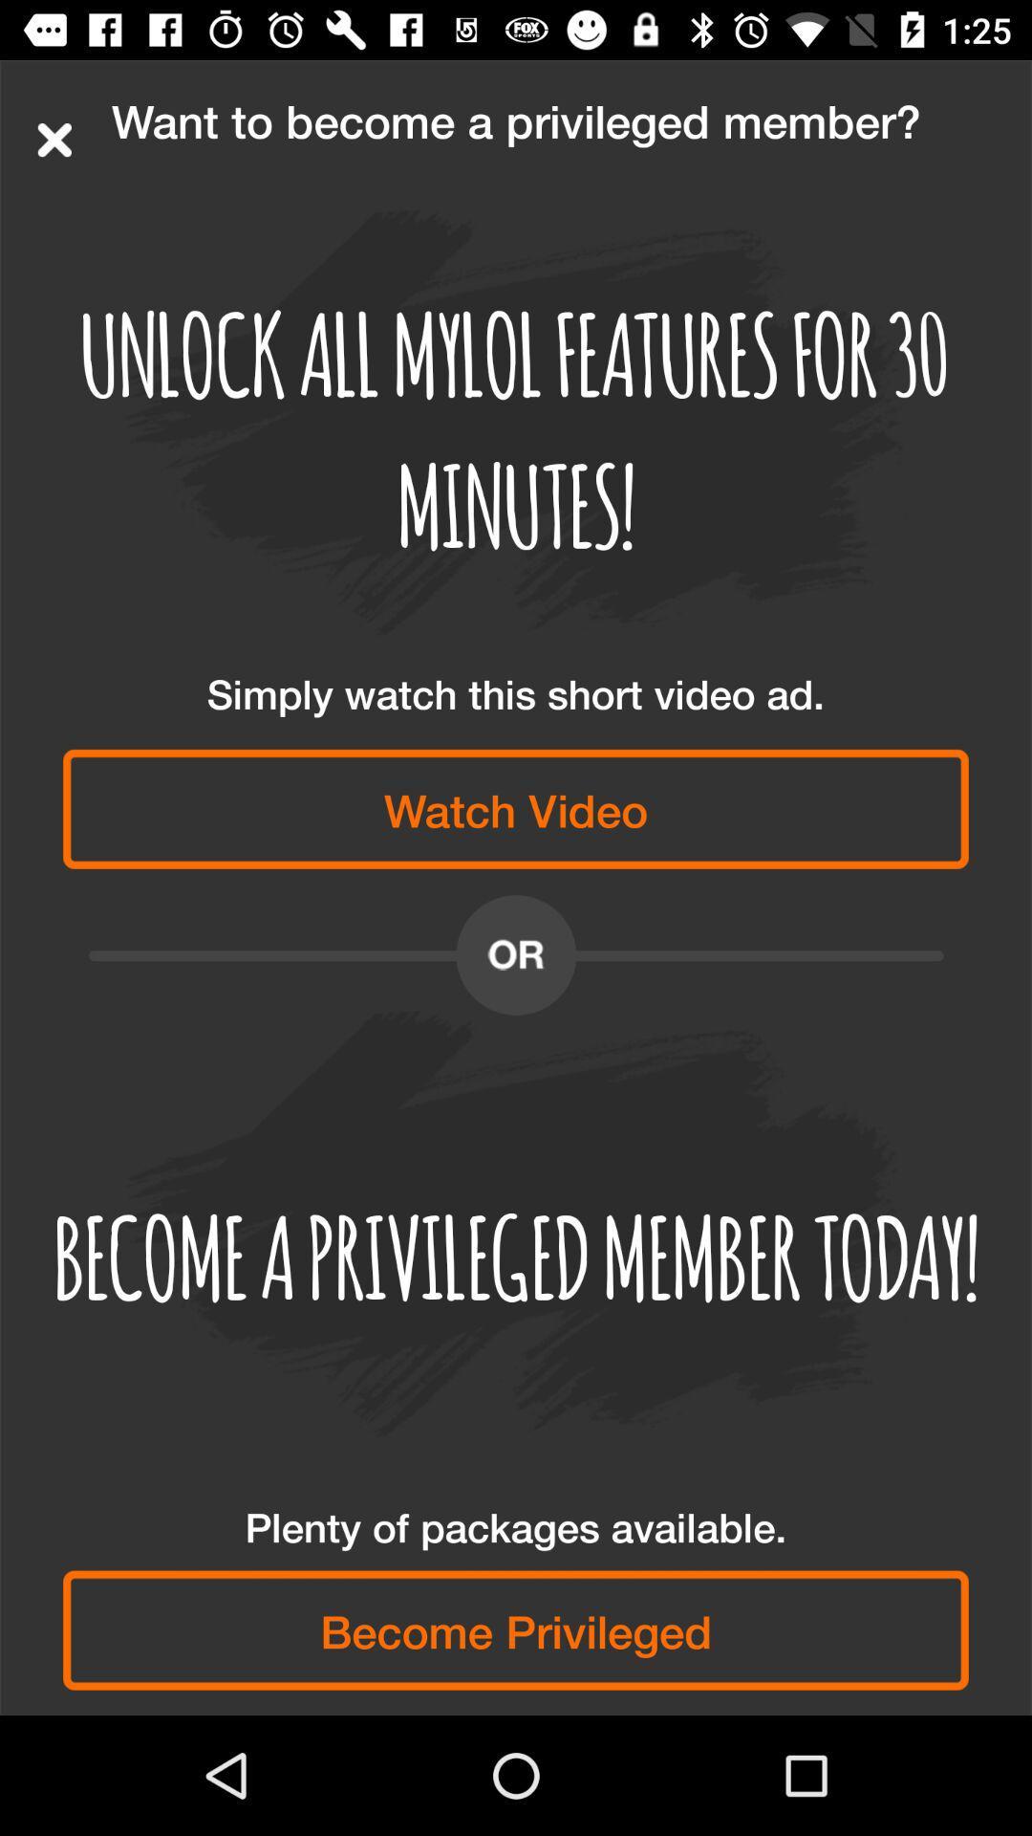 Image resolution: width=1032 pixels, height=1836 pixels. Describe the element at coordinates (54, 139) in the screenshot. I see `the close icon` at that location.